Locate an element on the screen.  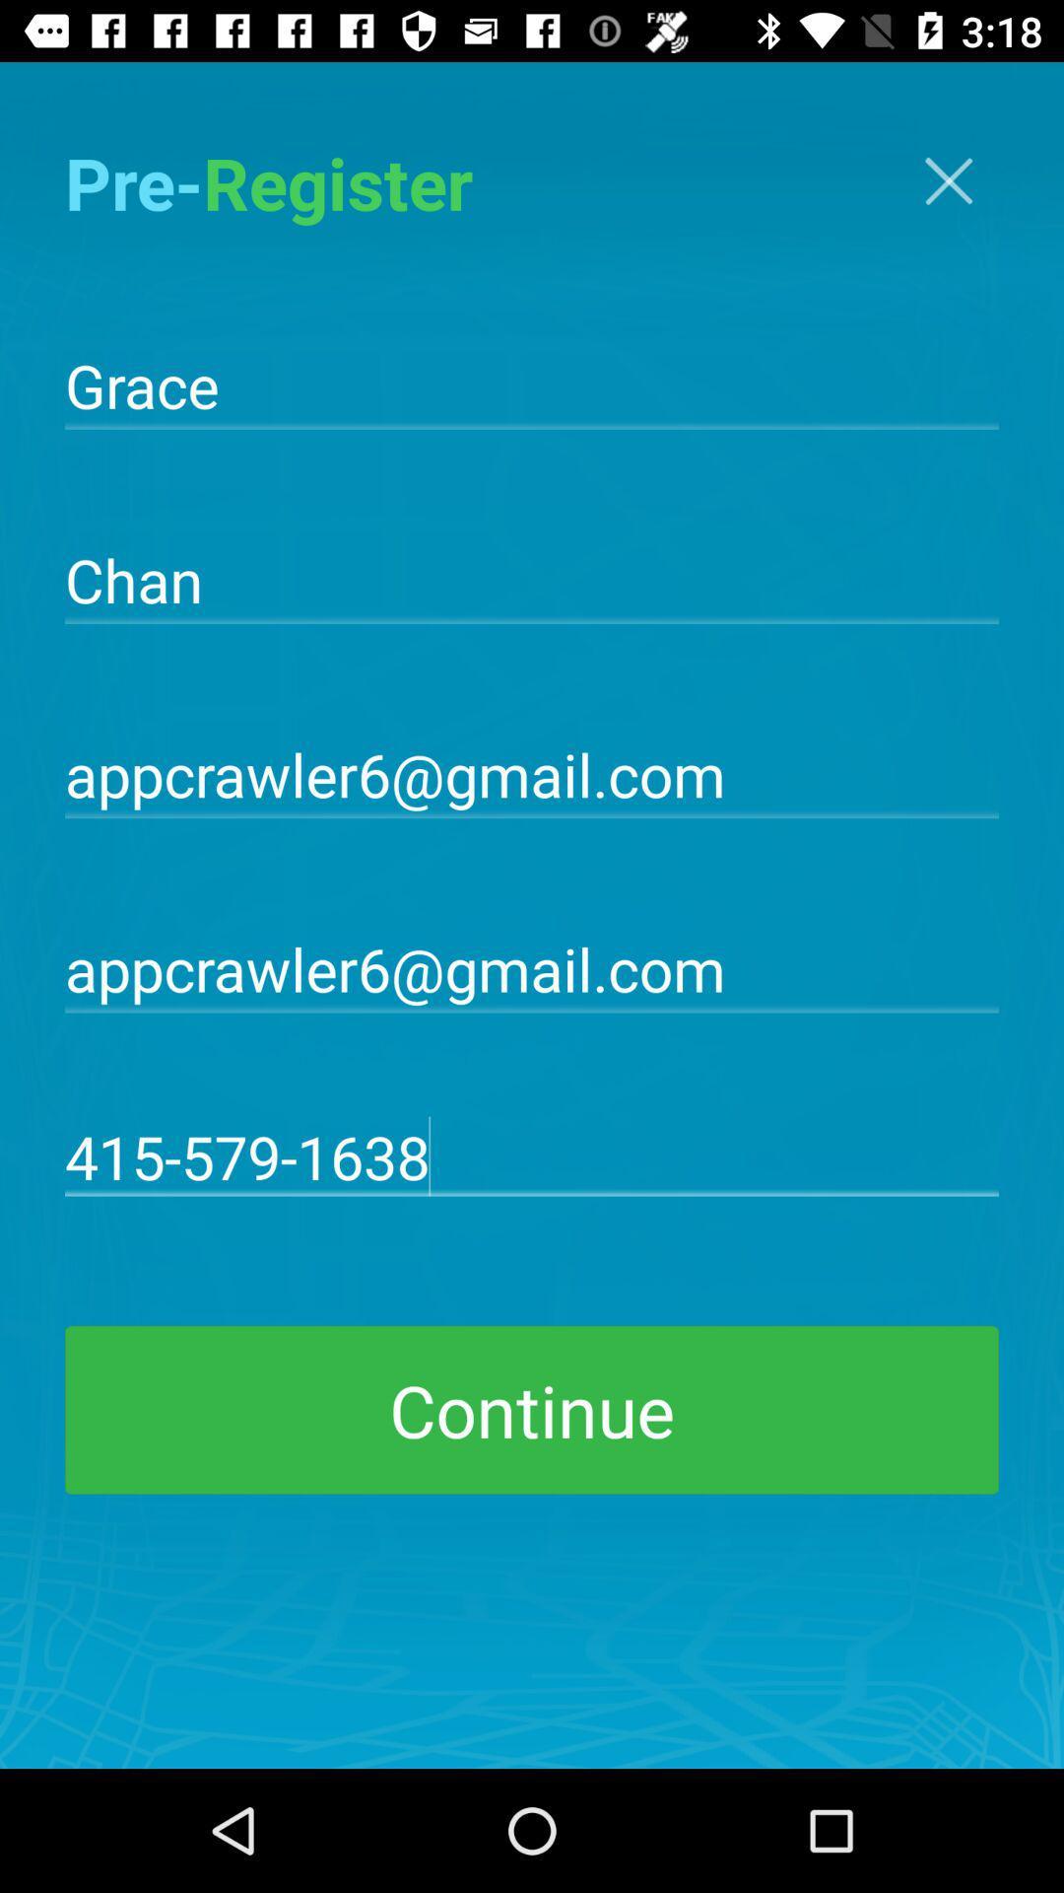
the close icon is located at coordinates (948, 180).